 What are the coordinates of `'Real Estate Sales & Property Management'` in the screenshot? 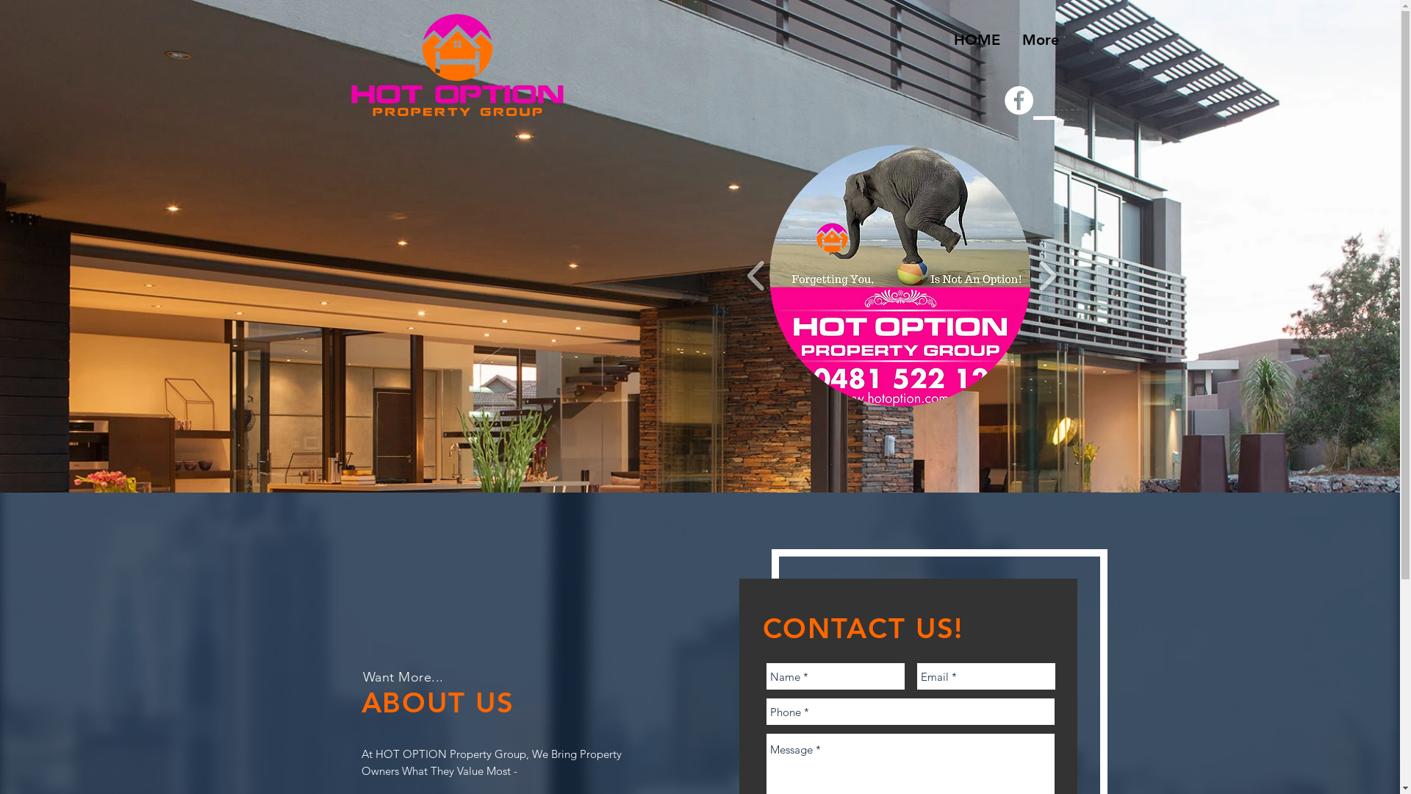 It's located at (456, 64).